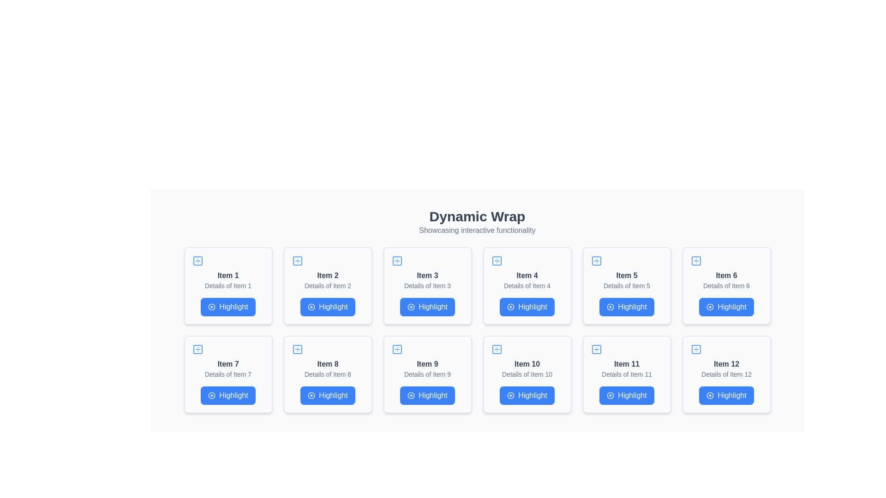 The image size is (886, 498). What do you see at coordinates (527, 395) in the screenshot?
I see `the button located at the bottom of the card labeled 'Item 10' in the third card of the fourth row` at bounding box center [527, 395].